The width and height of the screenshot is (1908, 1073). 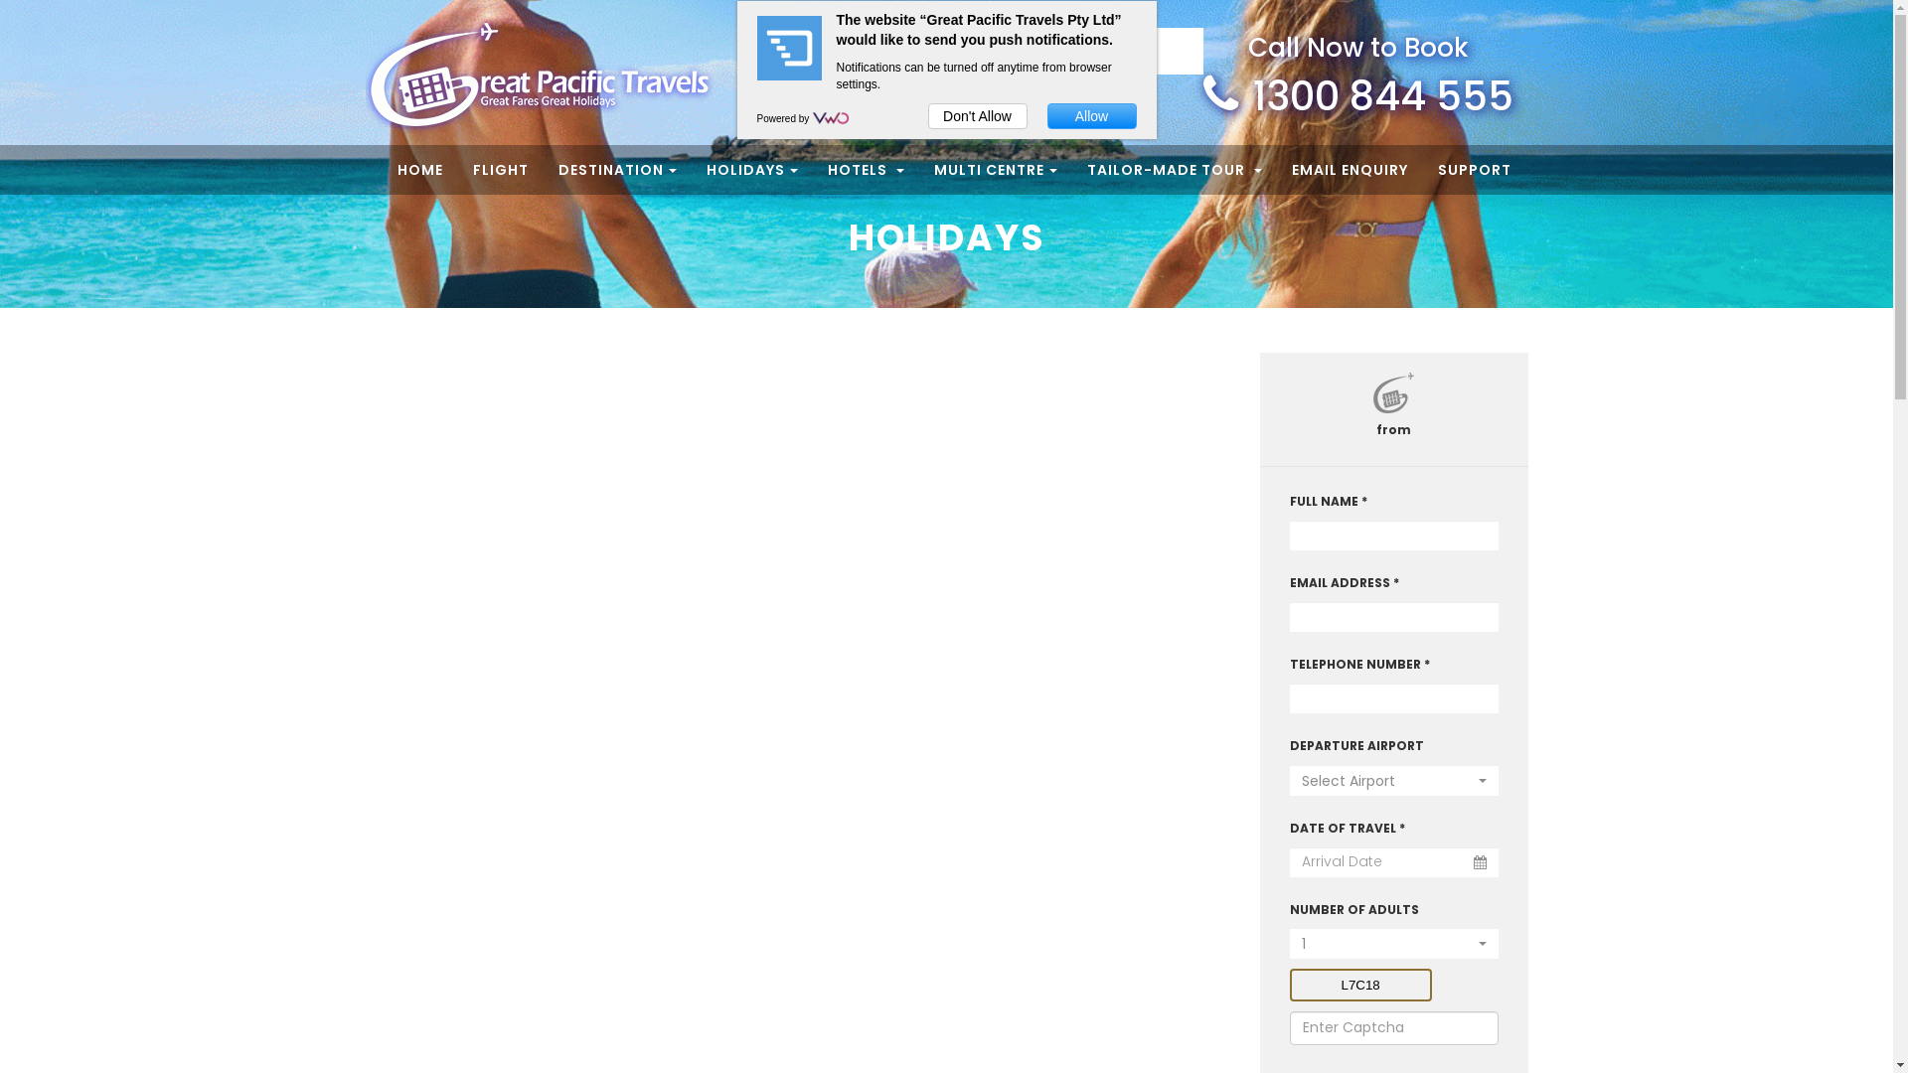 I want to click on 'EMAIL ENQUIRY', so click(x=1350, y=168).